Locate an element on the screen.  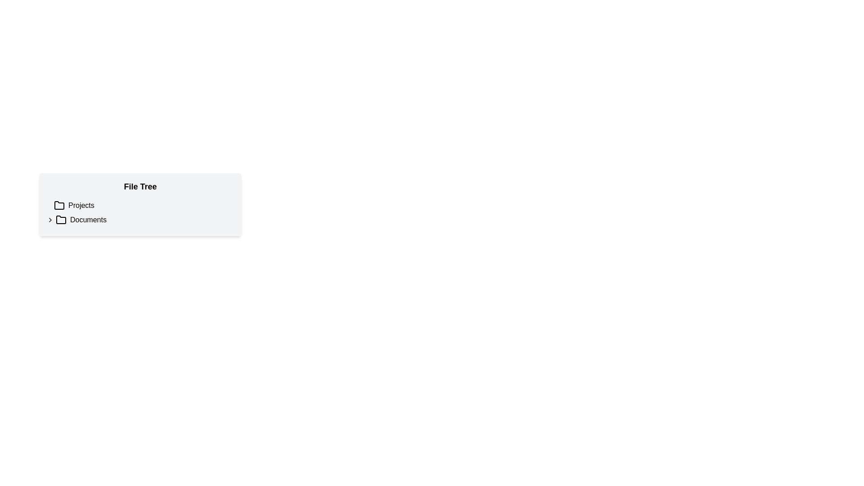
the 'Projects' text label in the file tree is located at coordinates (81, 205).